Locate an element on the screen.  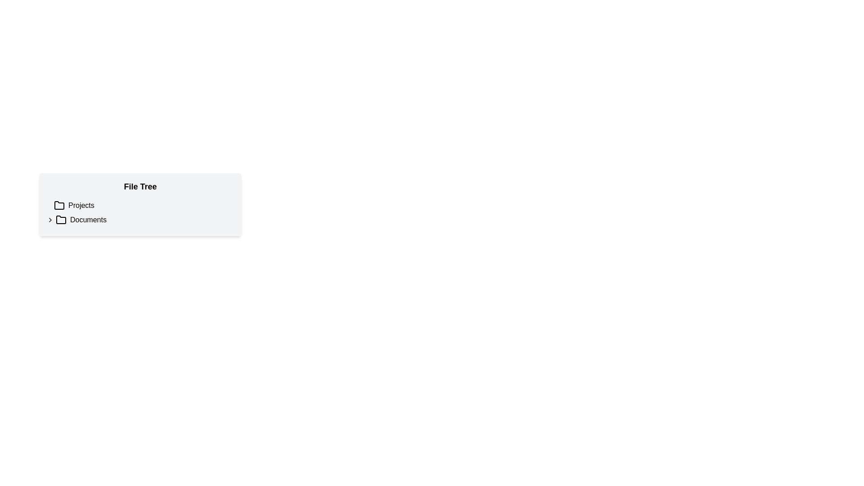
the 'Projects' text label in the file tree is located at coordinates (81, 205).